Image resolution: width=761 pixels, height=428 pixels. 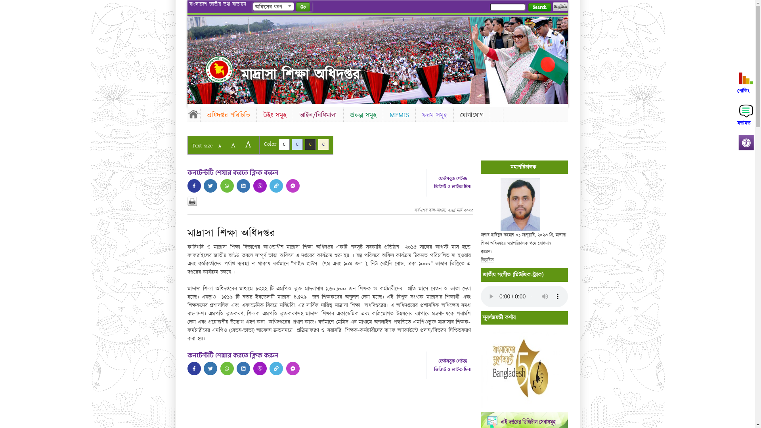 What do you see at coordinates (186, 57) in the screenshot?
I see `'Previous'` at bounding box center [186, 57].